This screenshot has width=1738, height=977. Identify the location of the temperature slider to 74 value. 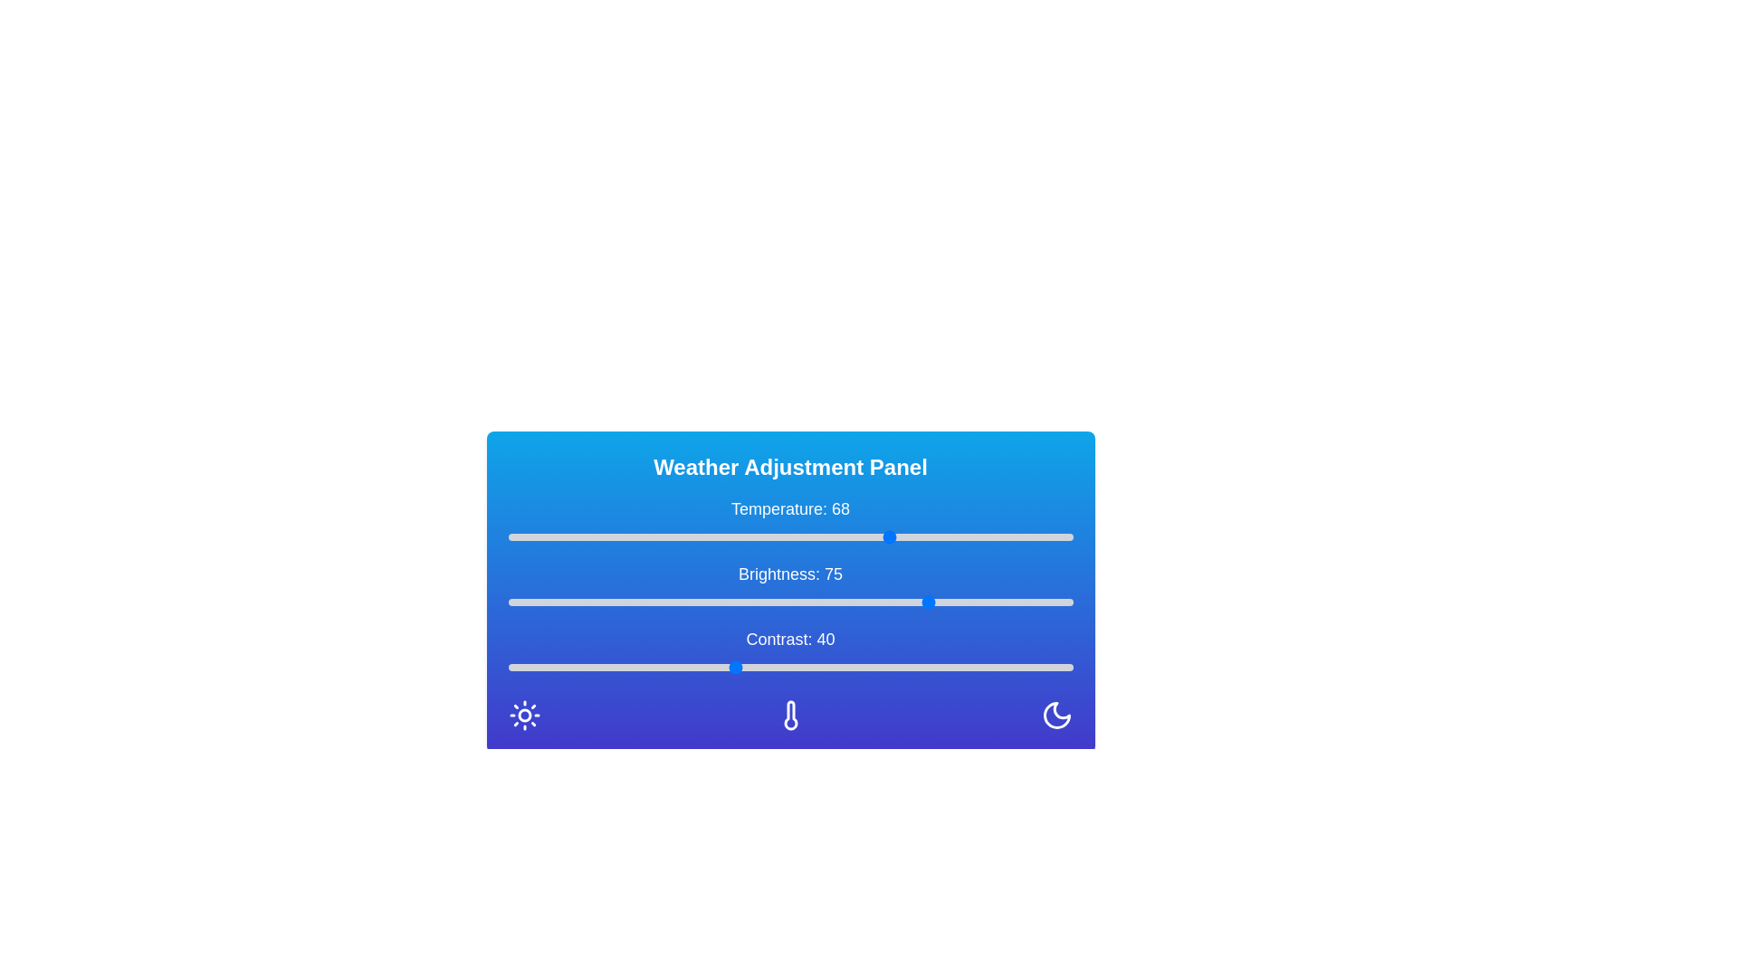
(926, 536).